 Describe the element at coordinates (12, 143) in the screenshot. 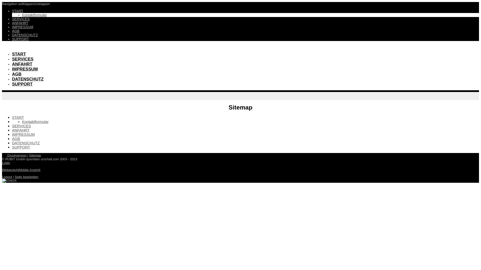

I see `'DATENSCHUTZ'` at that location.